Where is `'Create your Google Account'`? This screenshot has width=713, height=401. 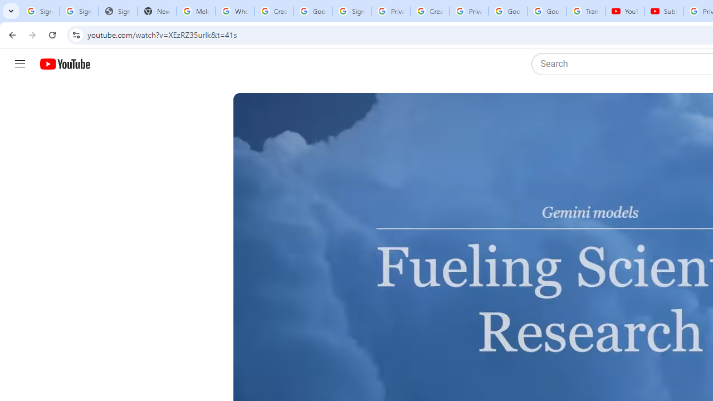 'Create your Google Account' is located at coordinates (274, 11).